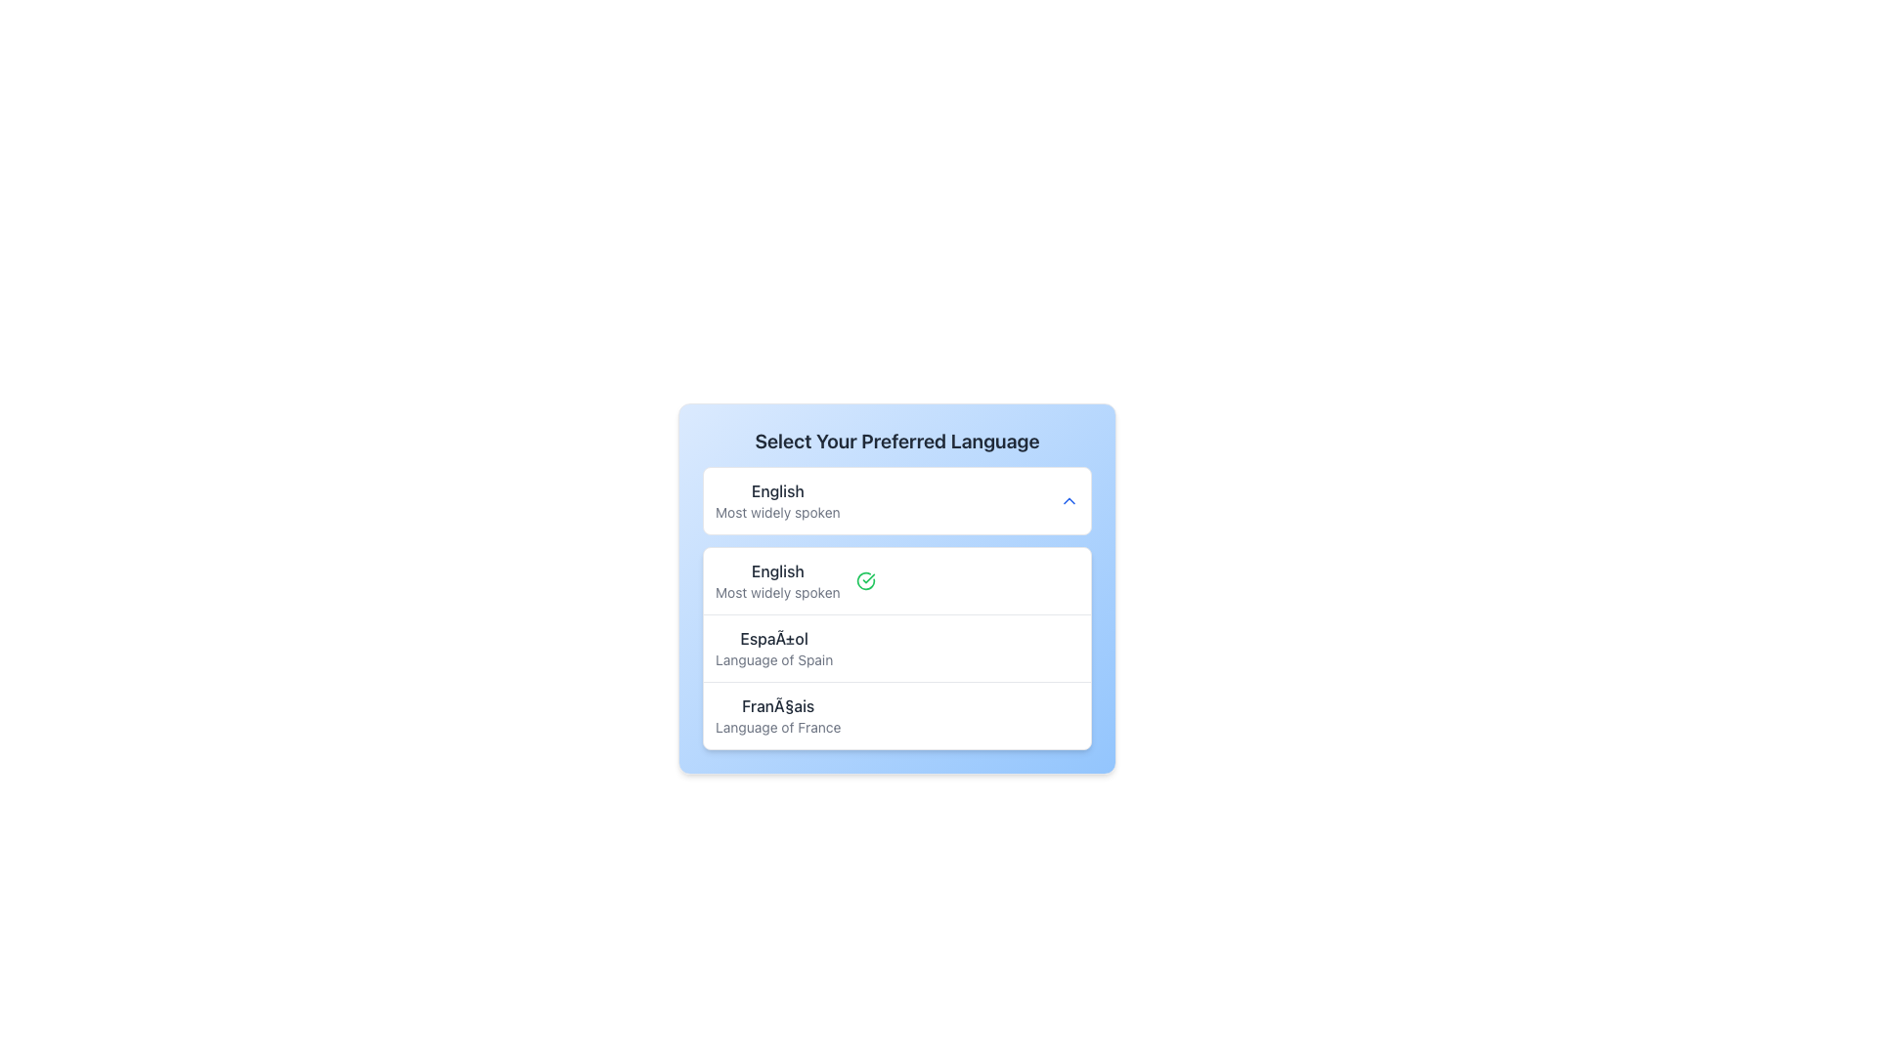 This screenshot has width=1877, height=1055. What do you see at coordinates (895, 648) in the screenshot?
I see `the 'Español' option in the dropdown language selector, which is the second item in the list beneath 'English (Most widely spoken)'` at bounding box center [895, 648].